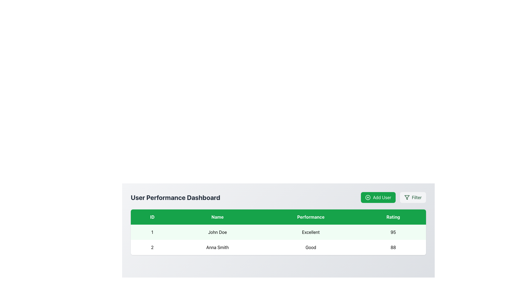 The width and height of the screenshot is (521, 293). I want to click on header label 'Name' from the second column header of the table, which is displayed in bold white font on a green background, so click(217, 216).